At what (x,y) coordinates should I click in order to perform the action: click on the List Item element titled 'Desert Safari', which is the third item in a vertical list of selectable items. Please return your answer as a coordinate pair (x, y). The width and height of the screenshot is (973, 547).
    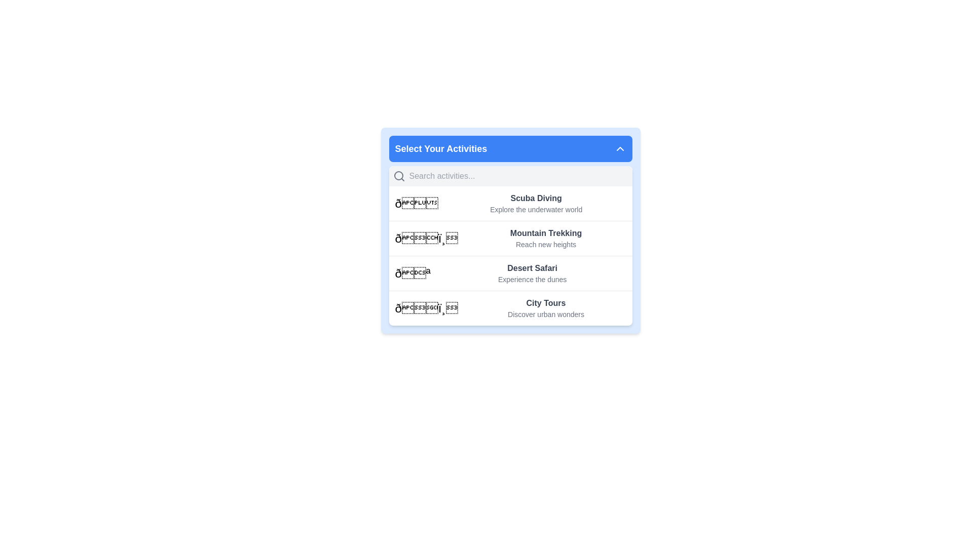
    Looking at the image, I should click on (510, 272).